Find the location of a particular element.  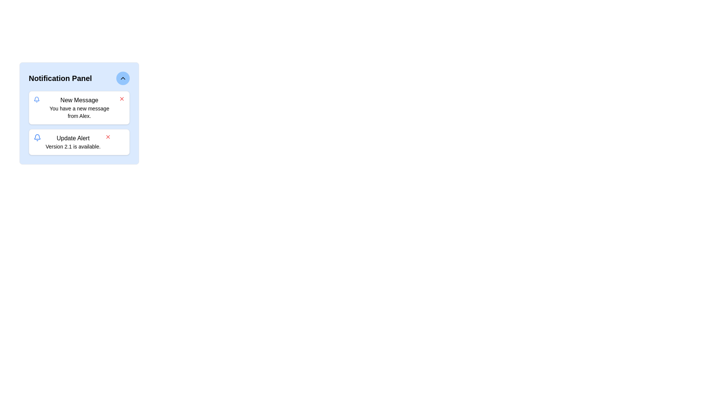

the circular blue button with a downward arrow icon located at the upper-right corner of the 'Notification Panel' is located at coordinates (123, 78).